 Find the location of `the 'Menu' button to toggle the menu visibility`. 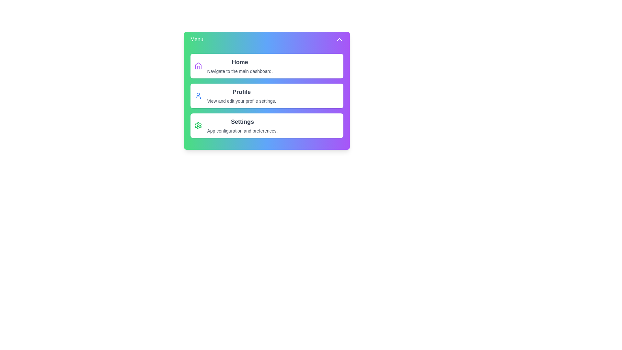

the 'Menu' button to toggle the menu visibility is located at coordinates (267, 40).